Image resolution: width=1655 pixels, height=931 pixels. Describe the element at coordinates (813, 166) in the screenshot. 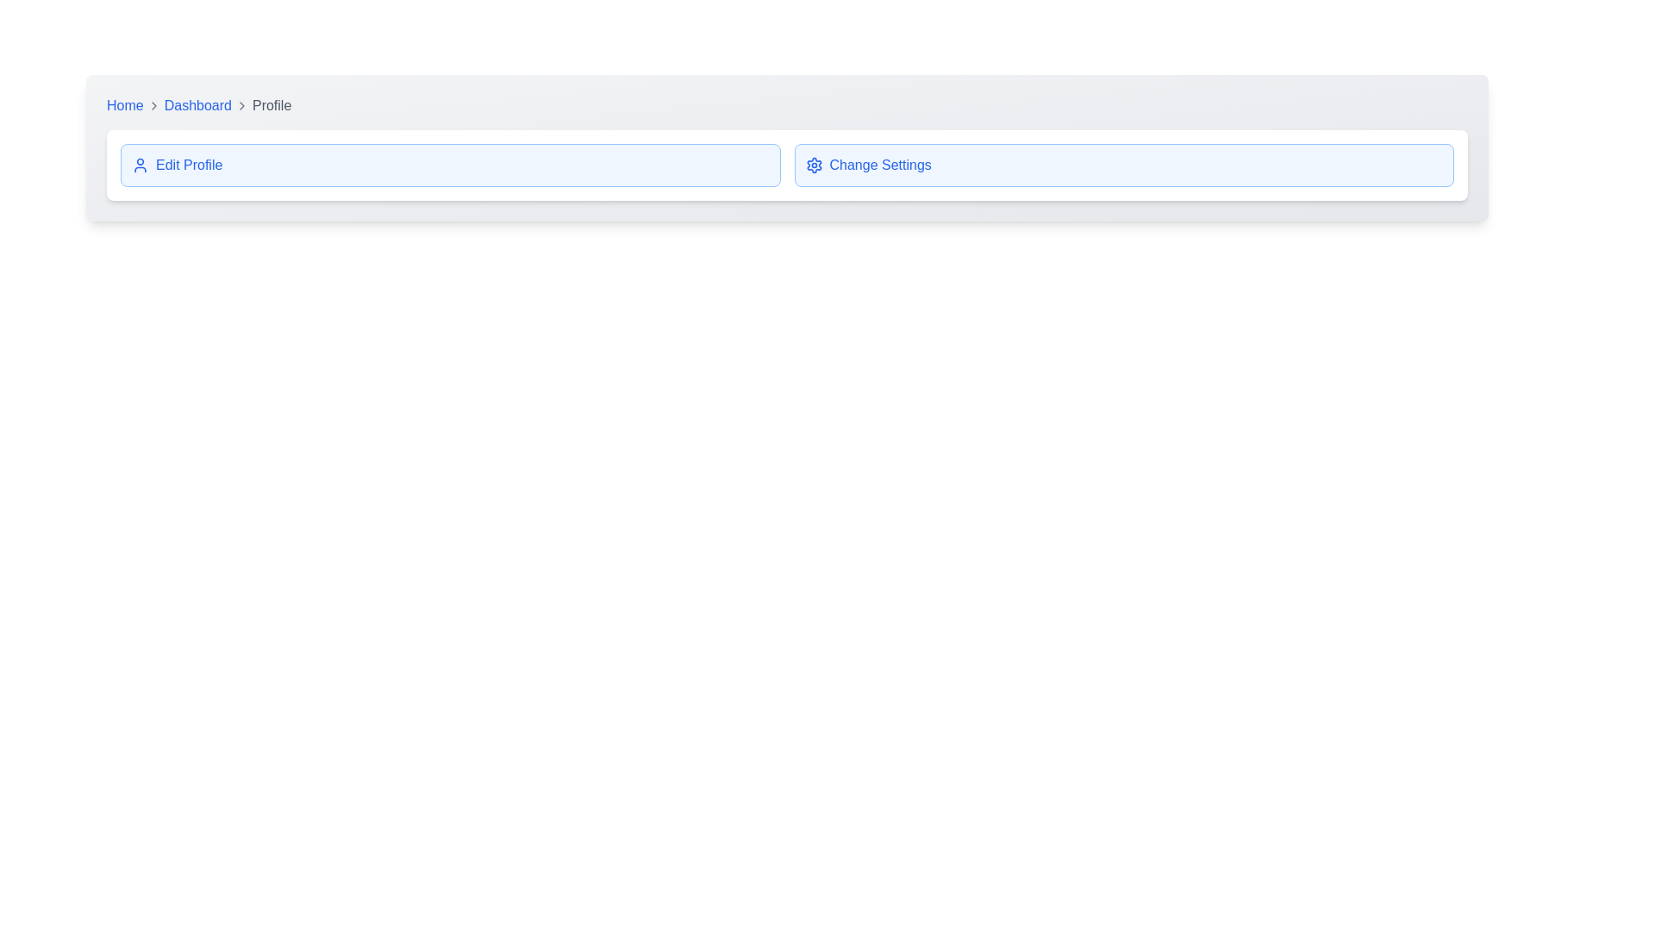

I see `the gear-shaped icon associated with settings located in the header of the user profile section` at that location.